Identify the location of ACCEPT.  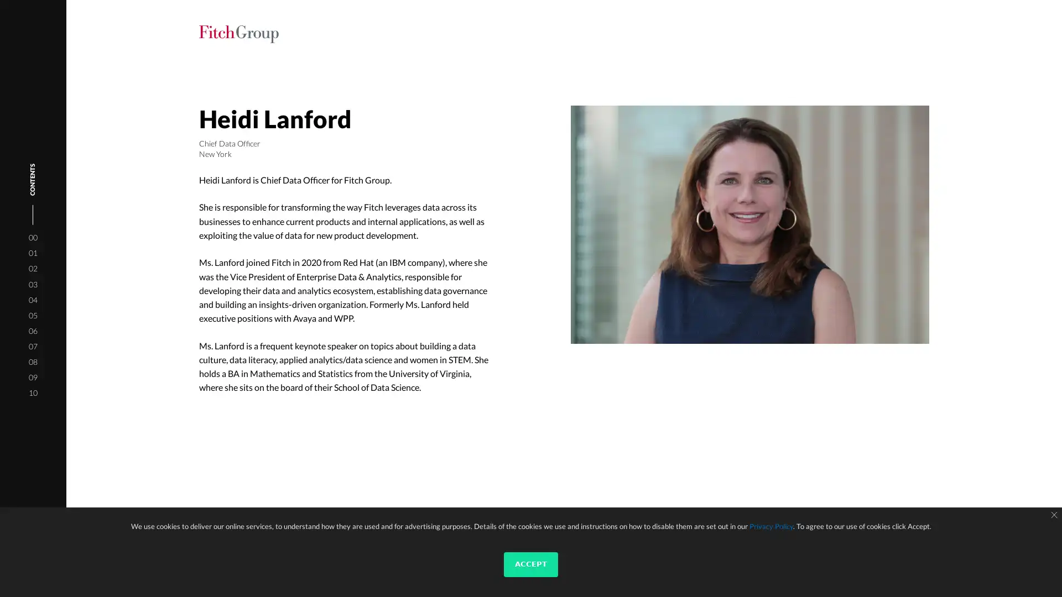
(531, 564).